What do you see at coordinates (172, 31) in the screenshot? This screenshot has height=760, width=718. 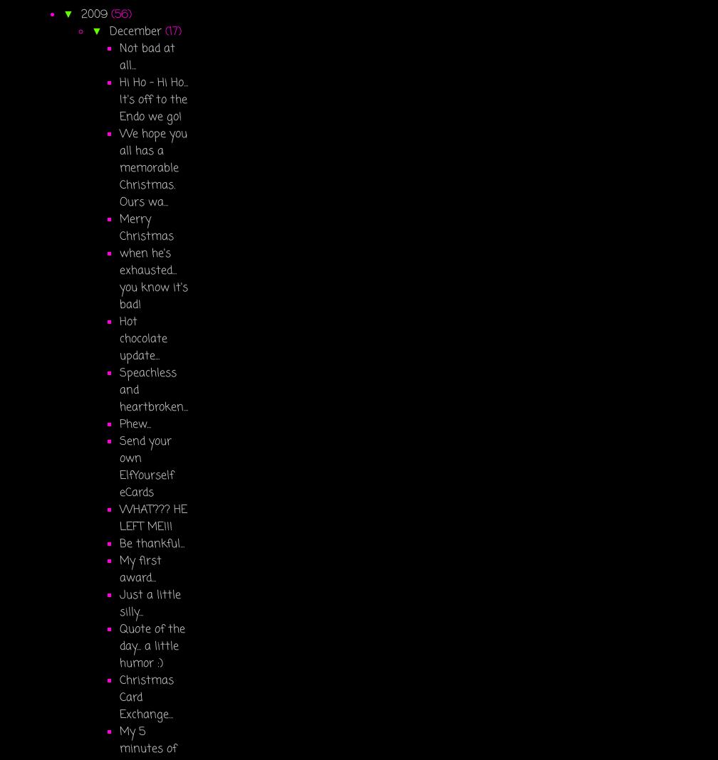 I see `'(17)'` at bounding box center [172, 31].